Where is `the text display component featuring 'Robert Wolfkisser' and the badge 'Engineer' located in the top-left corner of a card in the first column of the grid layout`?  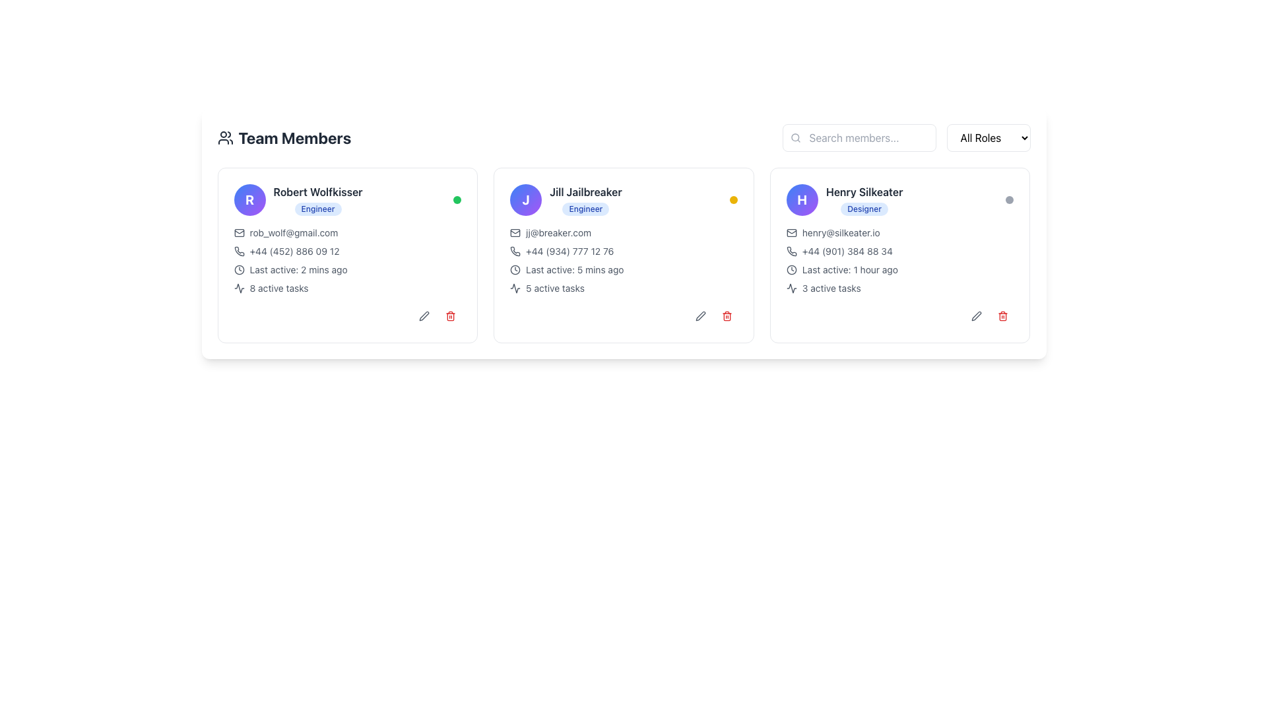
the text display component featuring 'Robert Wolfkisser' and the badge 'Engineer' located in the top-left corner of a card in the first column of the grid layout is located at coordinates (318, 200).